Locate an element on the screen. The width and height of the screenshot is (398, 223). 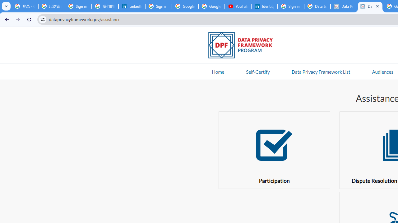
'Data Privacy Framework List' is located at coordinates (321, 71).